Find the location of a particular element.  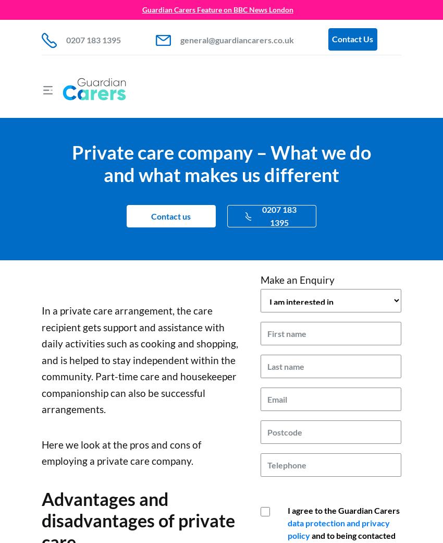

'Make an Enquiry' is located at coordinates (298, 280).